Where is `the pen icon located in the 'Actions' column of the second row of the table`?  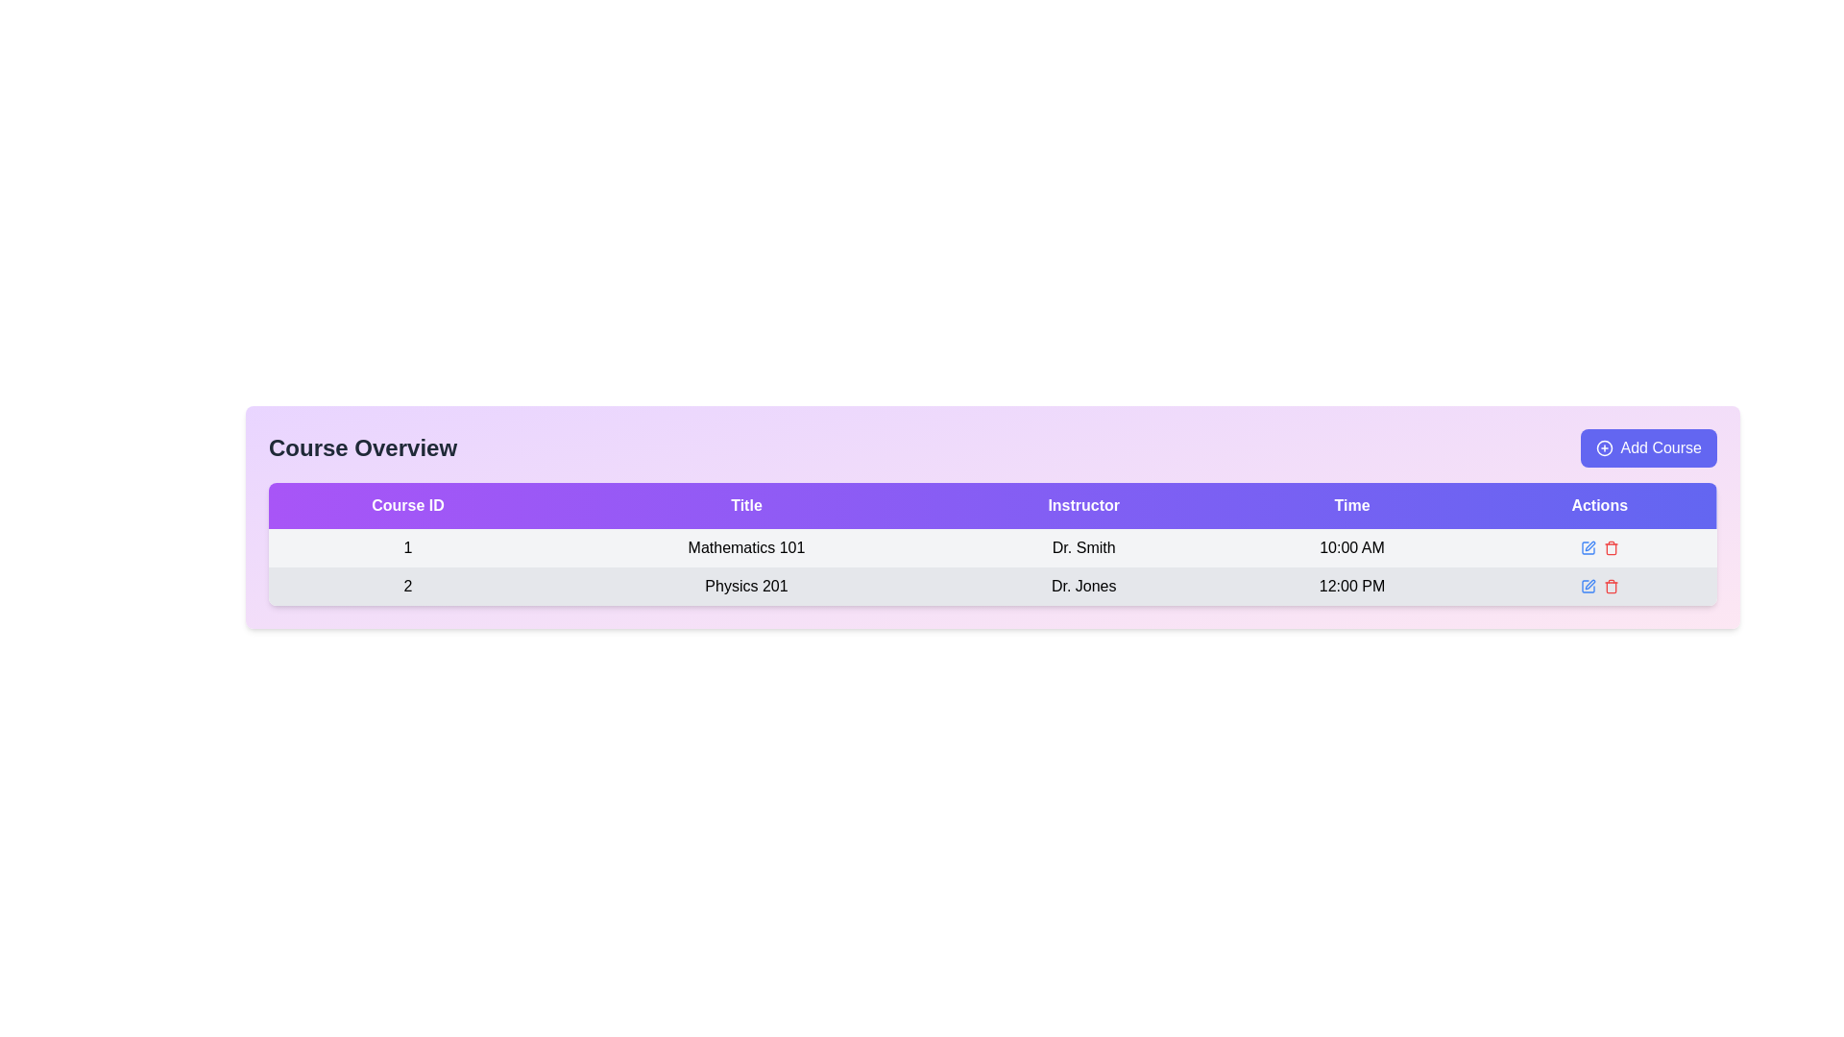 the pen icon located in the 'Actions' column of the second row of the table is located at coordinates (1589, 584).